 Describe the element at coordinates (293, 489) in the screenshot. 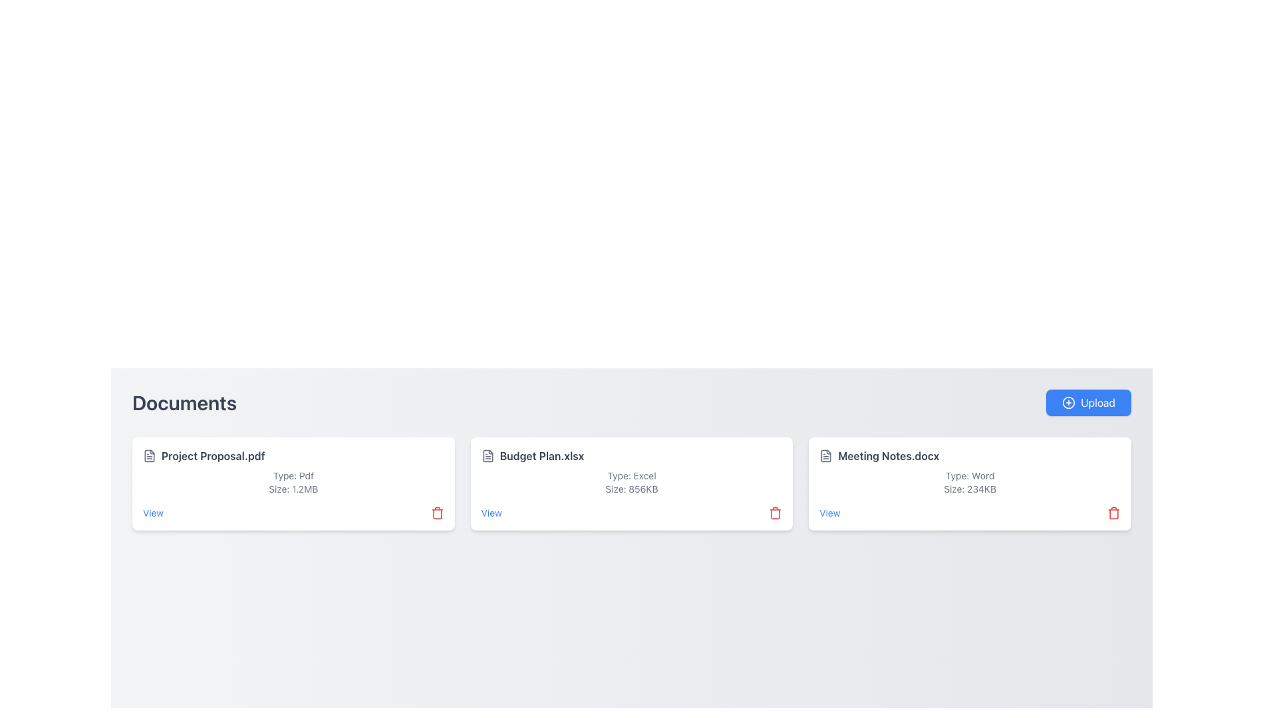

I see `the static text element displaying the file size 'Size: 1.2MB' located within the document card for 'Project Proposal.pdf', positioned beneath 'Type: Pdf' and above the 'View' link` at that location.